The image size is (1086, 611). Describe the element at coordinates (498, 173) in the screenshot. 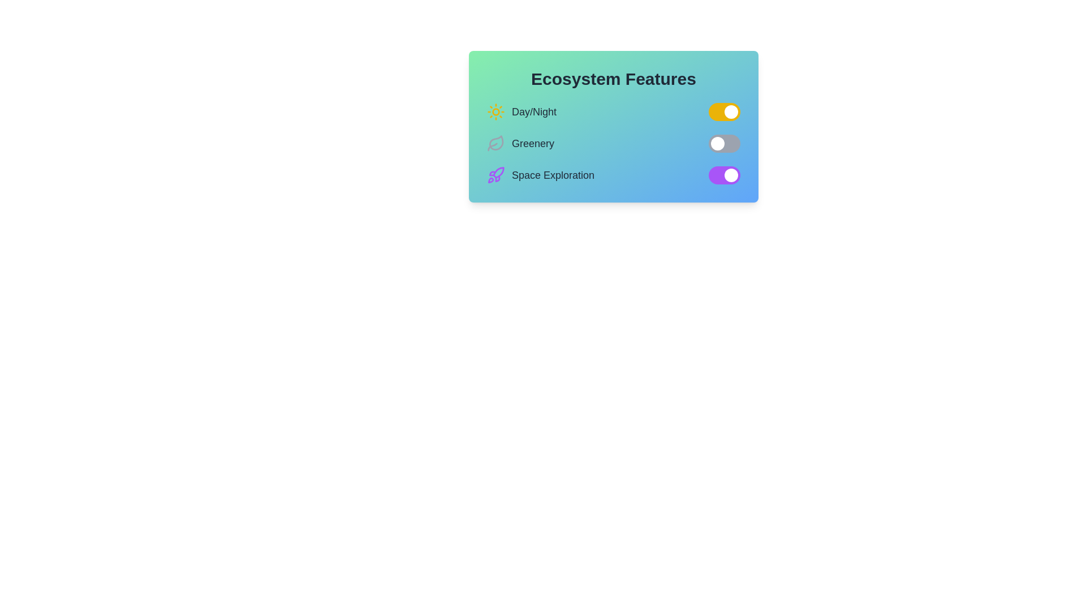

I see `the rocket-shaped icon representing space exploration, located in the lower-left part of the Ecosystem Features panel, below two other similar elements` at that location.